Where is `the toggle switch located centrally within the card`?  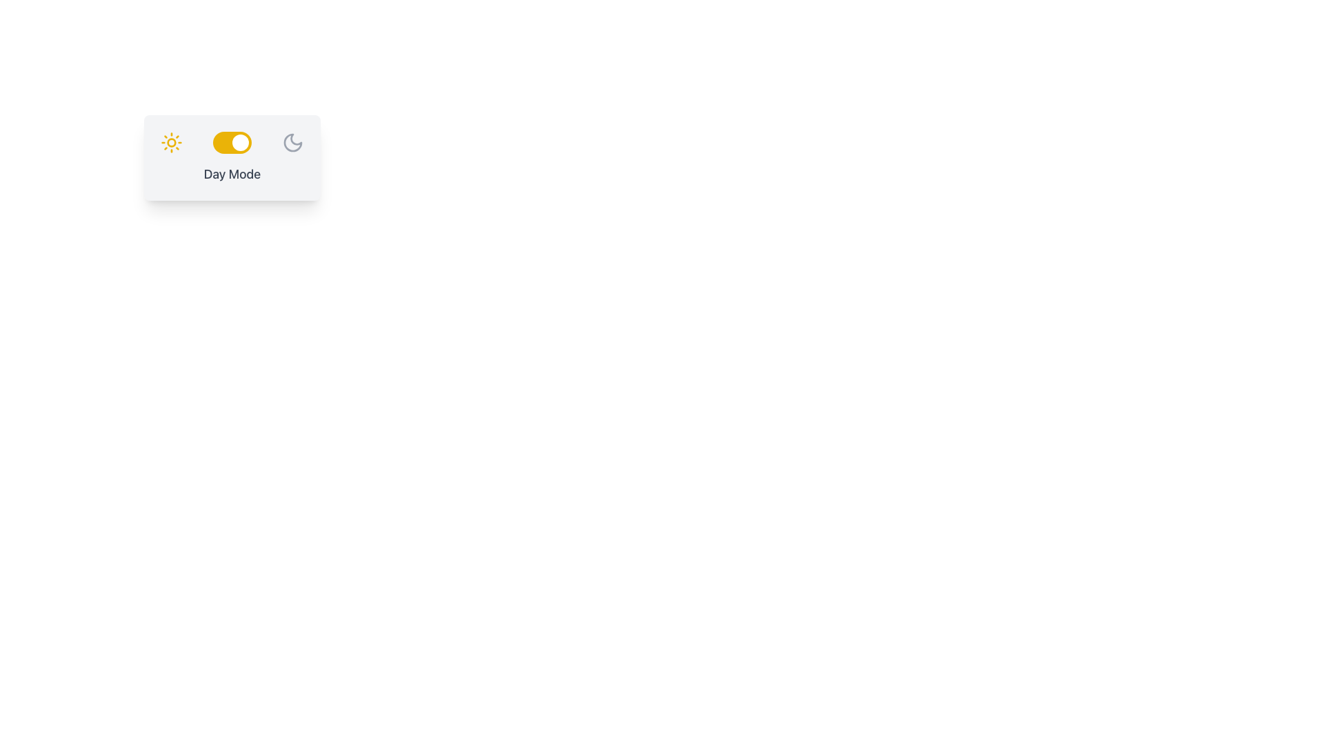 the toggle switch located centrally within the card is located at coordinates (232, 143).